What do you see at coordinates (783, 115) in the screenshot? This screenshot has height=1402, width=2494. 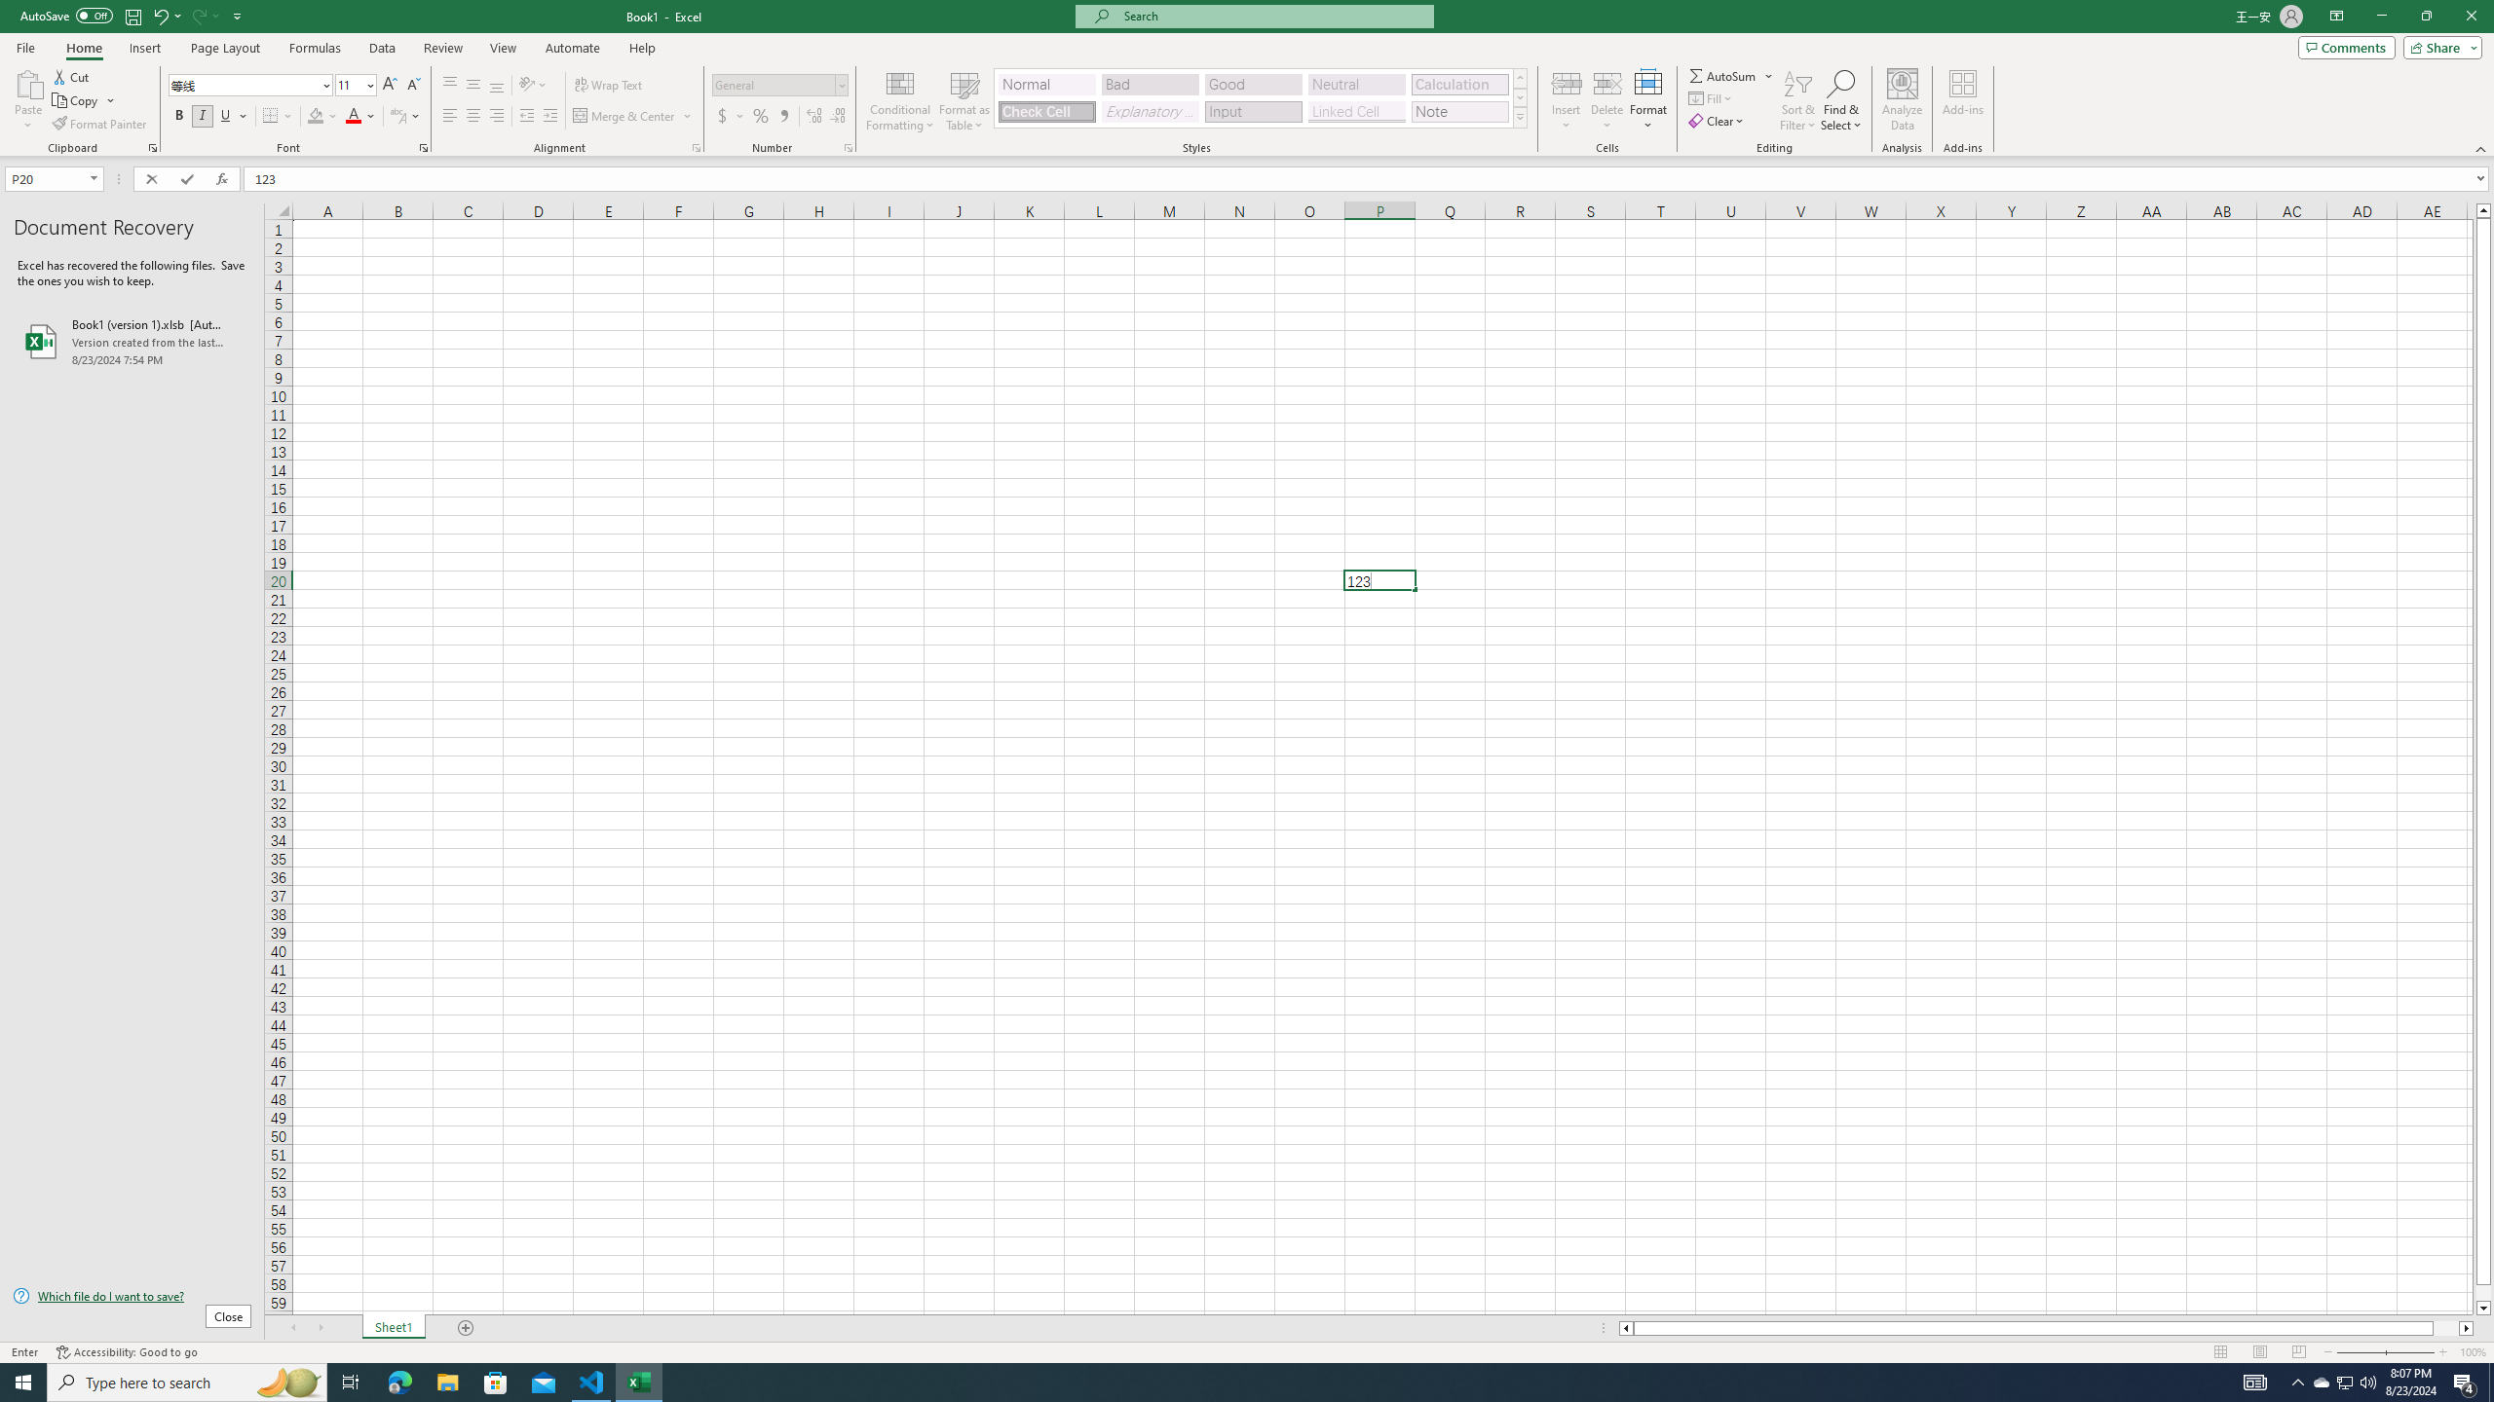 I see `'Comma Style'` at bounding box center [783, 115].